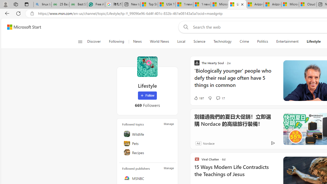  I want to click on 'Web search', so click(185, 27).